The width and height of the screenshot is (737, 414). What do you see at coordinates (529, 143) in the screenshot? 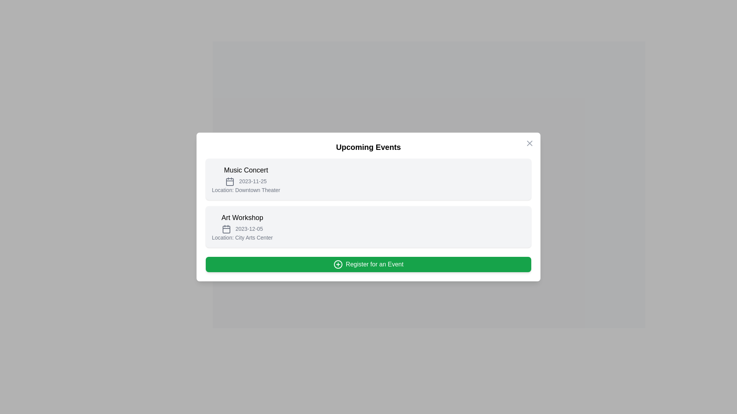
I see `the close icon located at the top-right corner of the 'Upcoming Events' modal` at bounding box center [529, 143].